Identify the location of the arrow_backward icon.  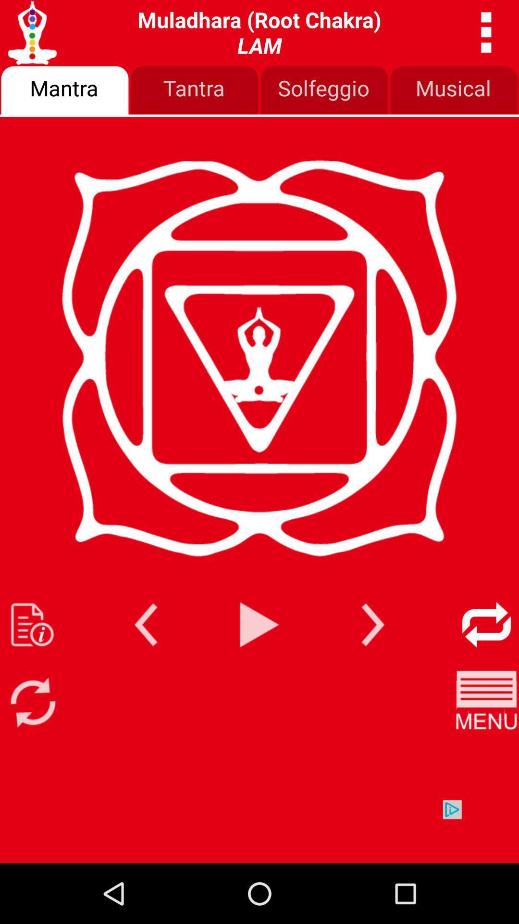
(146, 668).